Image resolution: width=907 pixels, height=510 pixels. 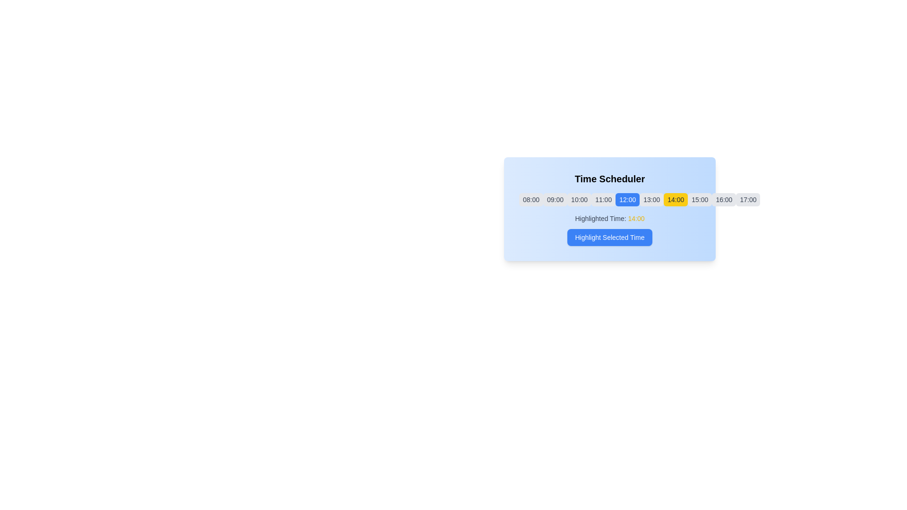 What do you see at coordinates (723, 199) in the screenshot?
I see `the selectable time slot button for '16:00' to trigger the hover effect, located within the 'Time Scheduler' section` at bounding box center [723, 199].